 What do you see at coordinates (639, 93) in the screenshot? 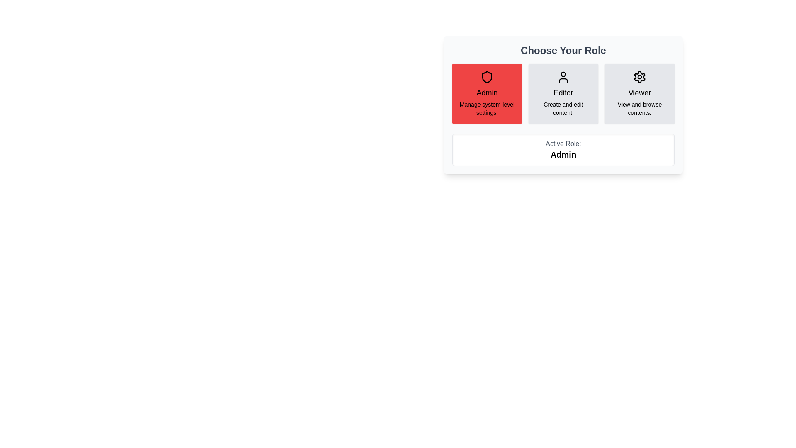
I see `the Viewer button to view its details` at bounding box center [639, 93].